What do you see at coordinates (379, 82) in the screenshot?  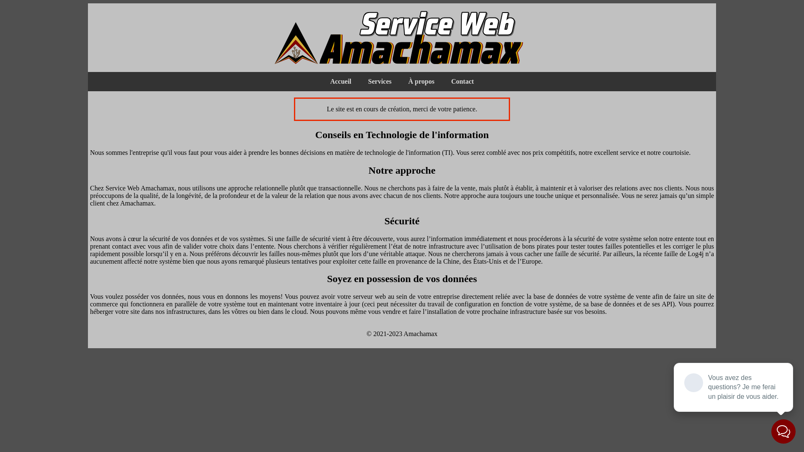 I see `'Services'` at bounding box center [379, 82].